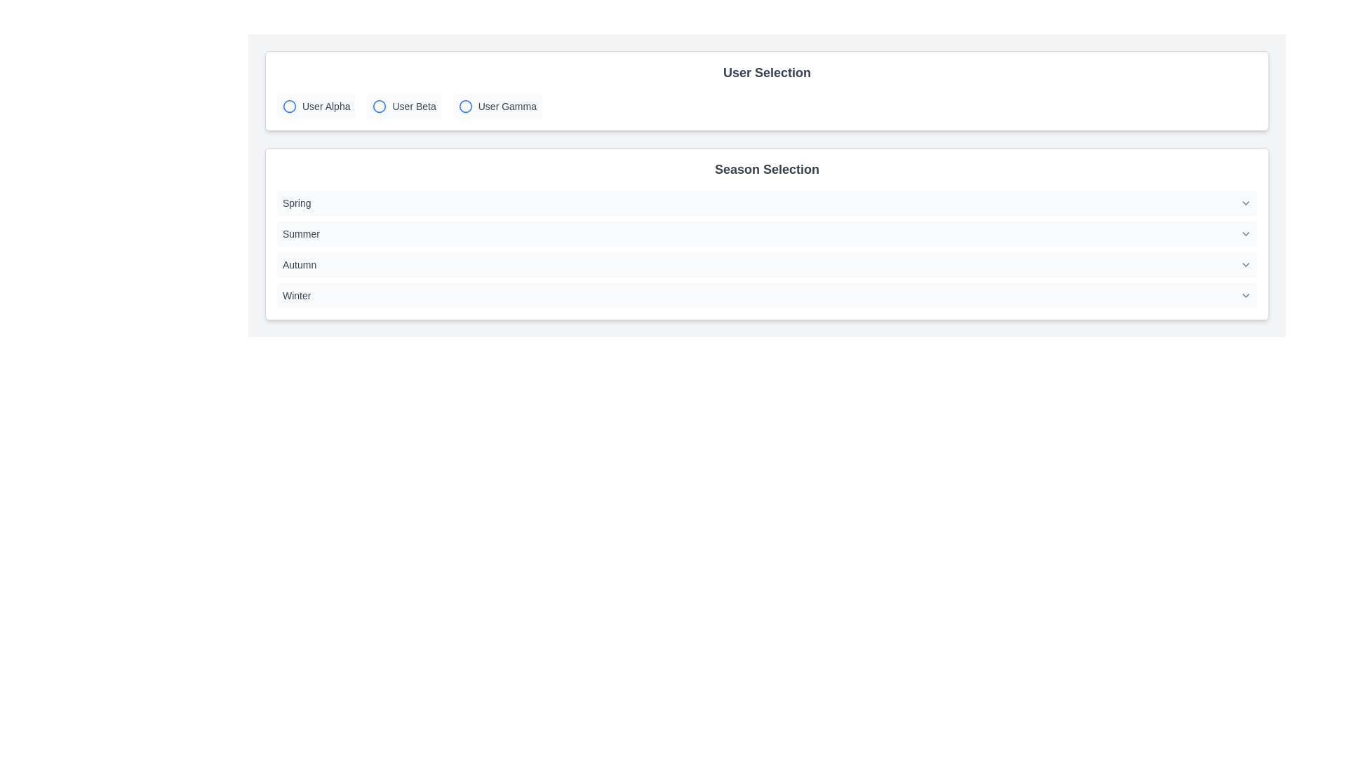 This screenshot has height=757, width=1347. I want to click on 'User Selection' label, which is a bold, dark gray text located at the top of the 'User Selection' section, so click(766, 73).